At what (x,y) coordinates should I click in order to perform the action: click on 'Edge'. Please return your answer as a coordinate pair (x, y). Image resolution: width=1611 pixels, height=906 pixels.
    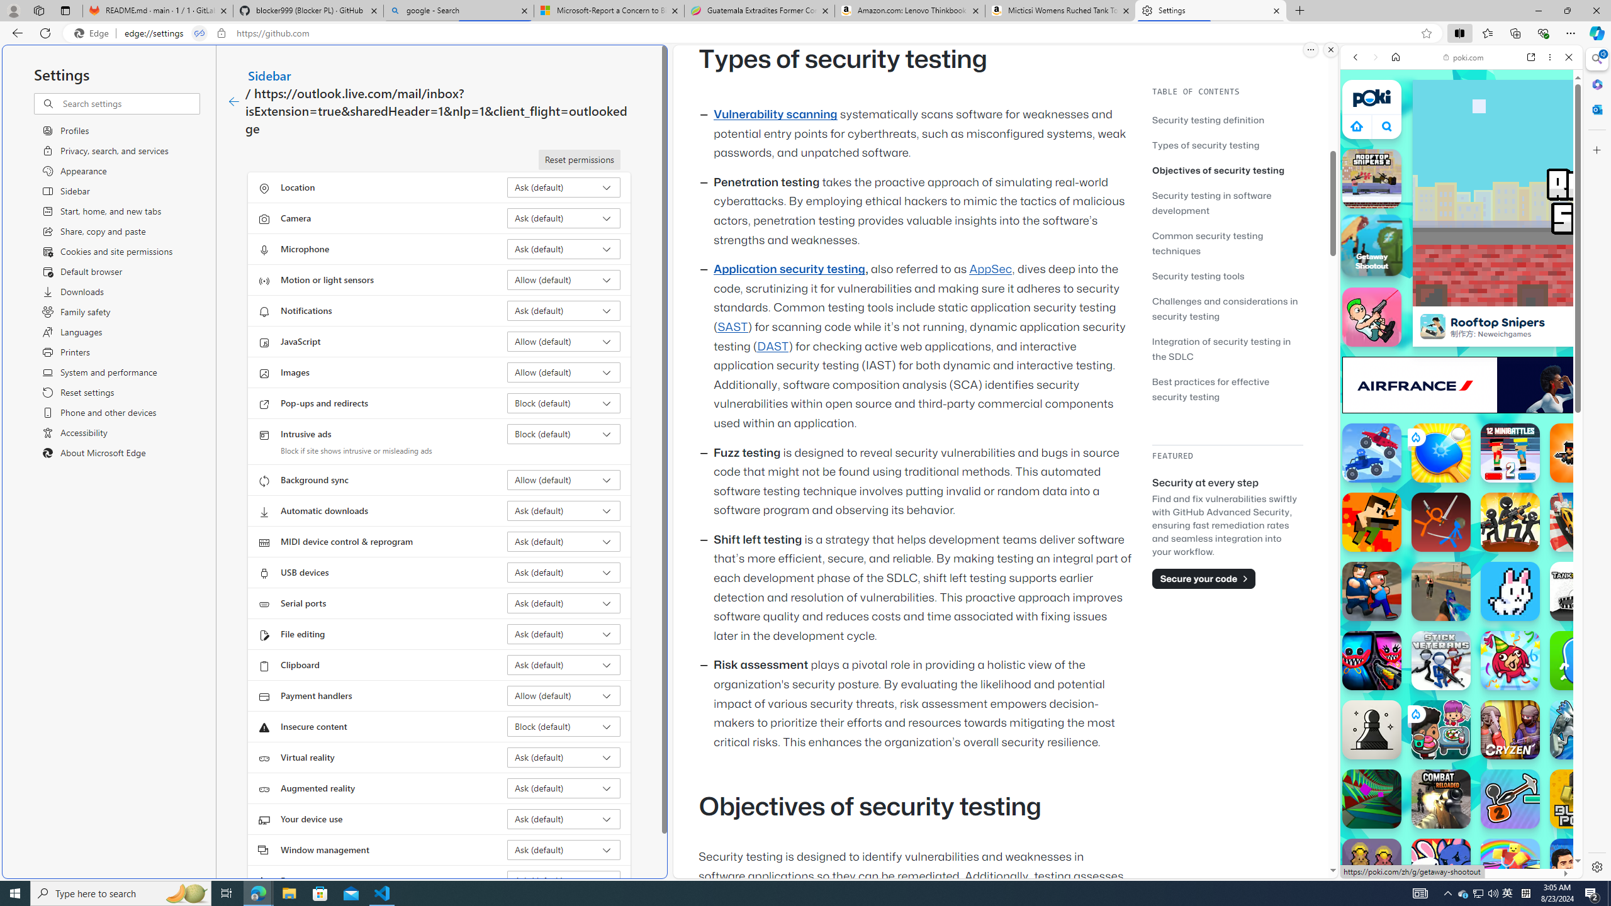
    Looking at the image, I should click on (93, 33).